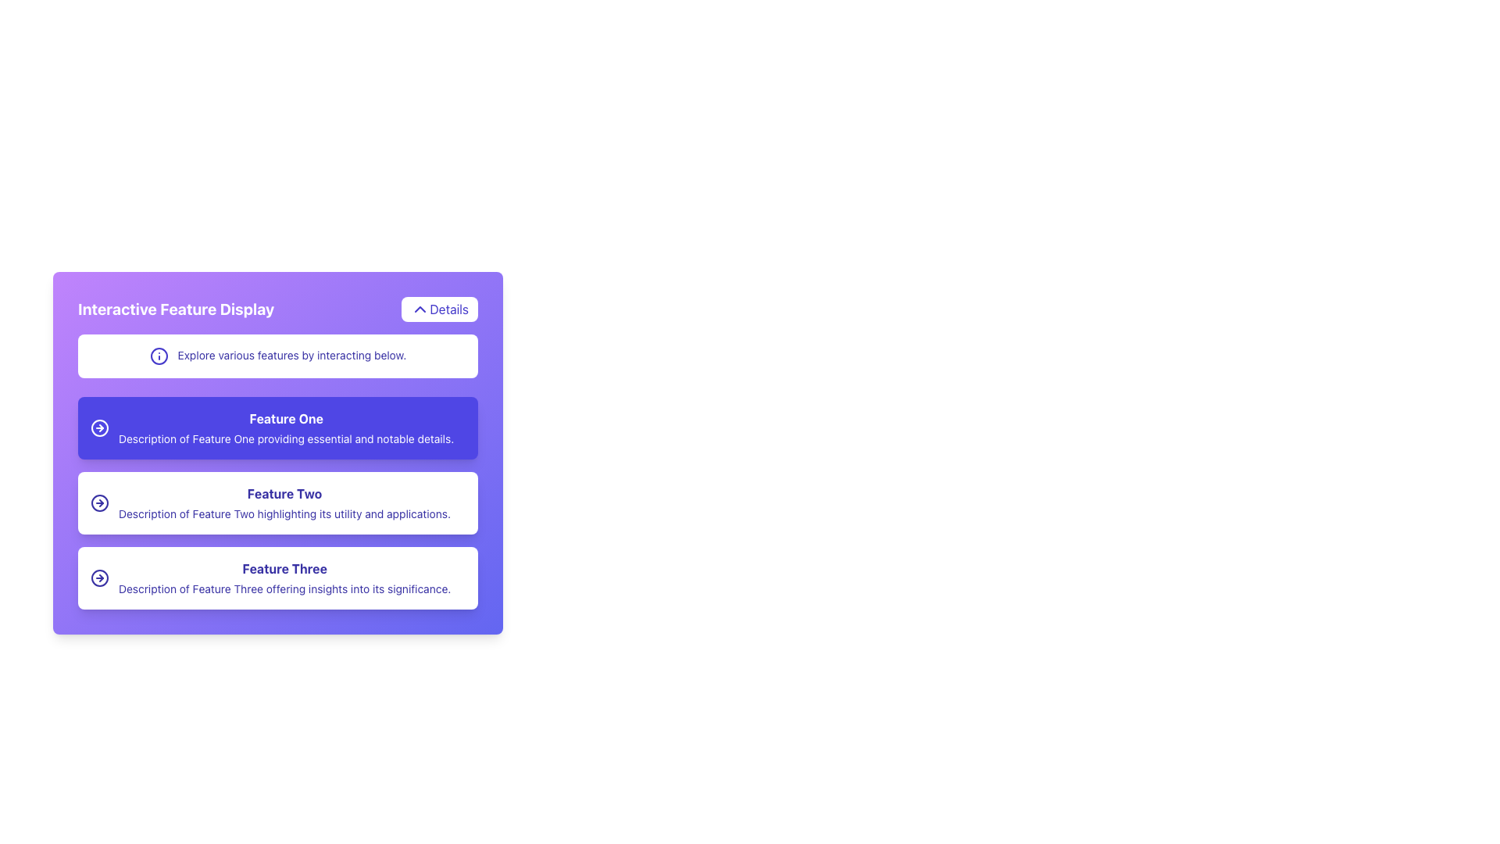 Image resolution: width=1500 pixels, height=844 pixels. What do you see at coordinates (159, 356) in the screenshot?
I see `the SVG Circle element, which is a circular shape with a border located to the left of the text line 'Explore various features by interacting below.'` at bounding box center [159, 356].